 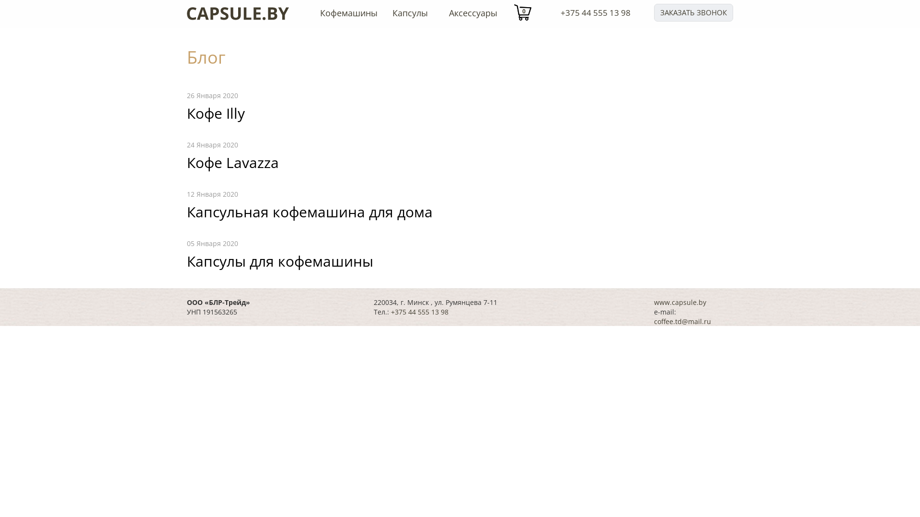 What do you see at coordinates (513, 12) in the screenshot?
I see `'0'` at bounding box center [513, 12].